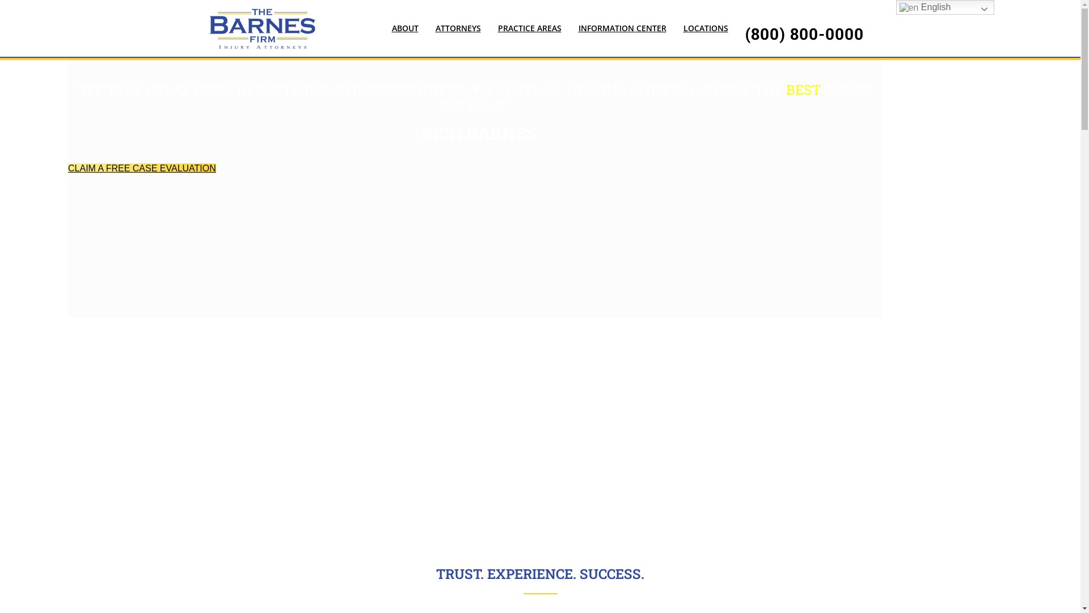 This screenshot has height=613, width=1089. What do you see at coordinates (528, 27) in the screenshot?
I see `'PRACTICE AREAS'` at bounding box center [528, 27].